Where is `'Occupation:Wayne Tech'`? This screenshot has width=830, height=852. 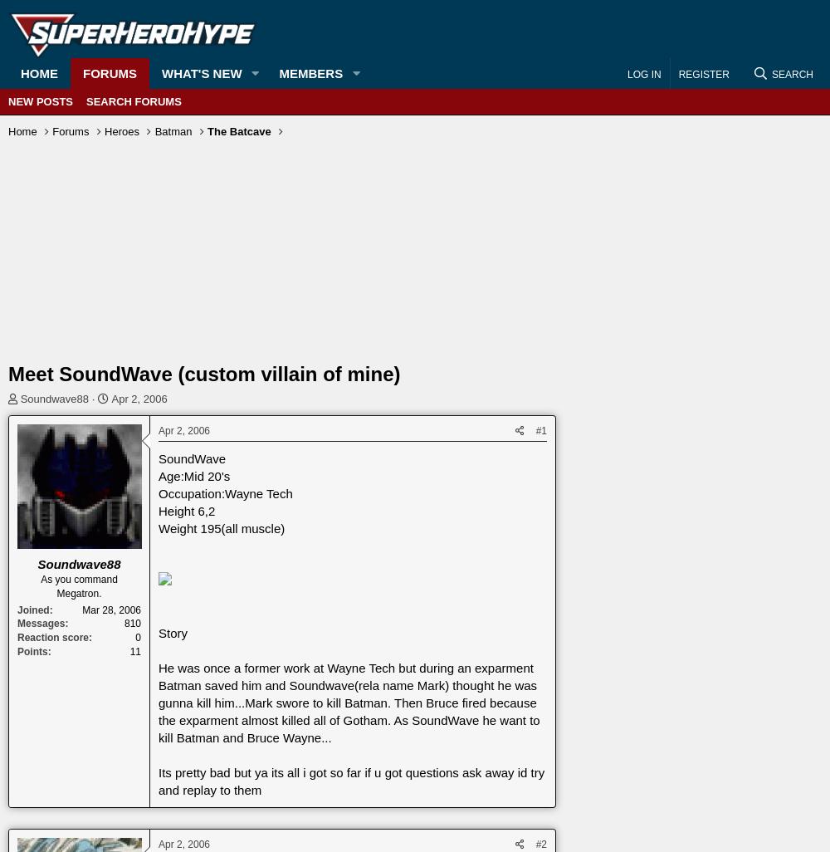
'Occupation:Wayne Tech' is located at coordinates (158, 492).